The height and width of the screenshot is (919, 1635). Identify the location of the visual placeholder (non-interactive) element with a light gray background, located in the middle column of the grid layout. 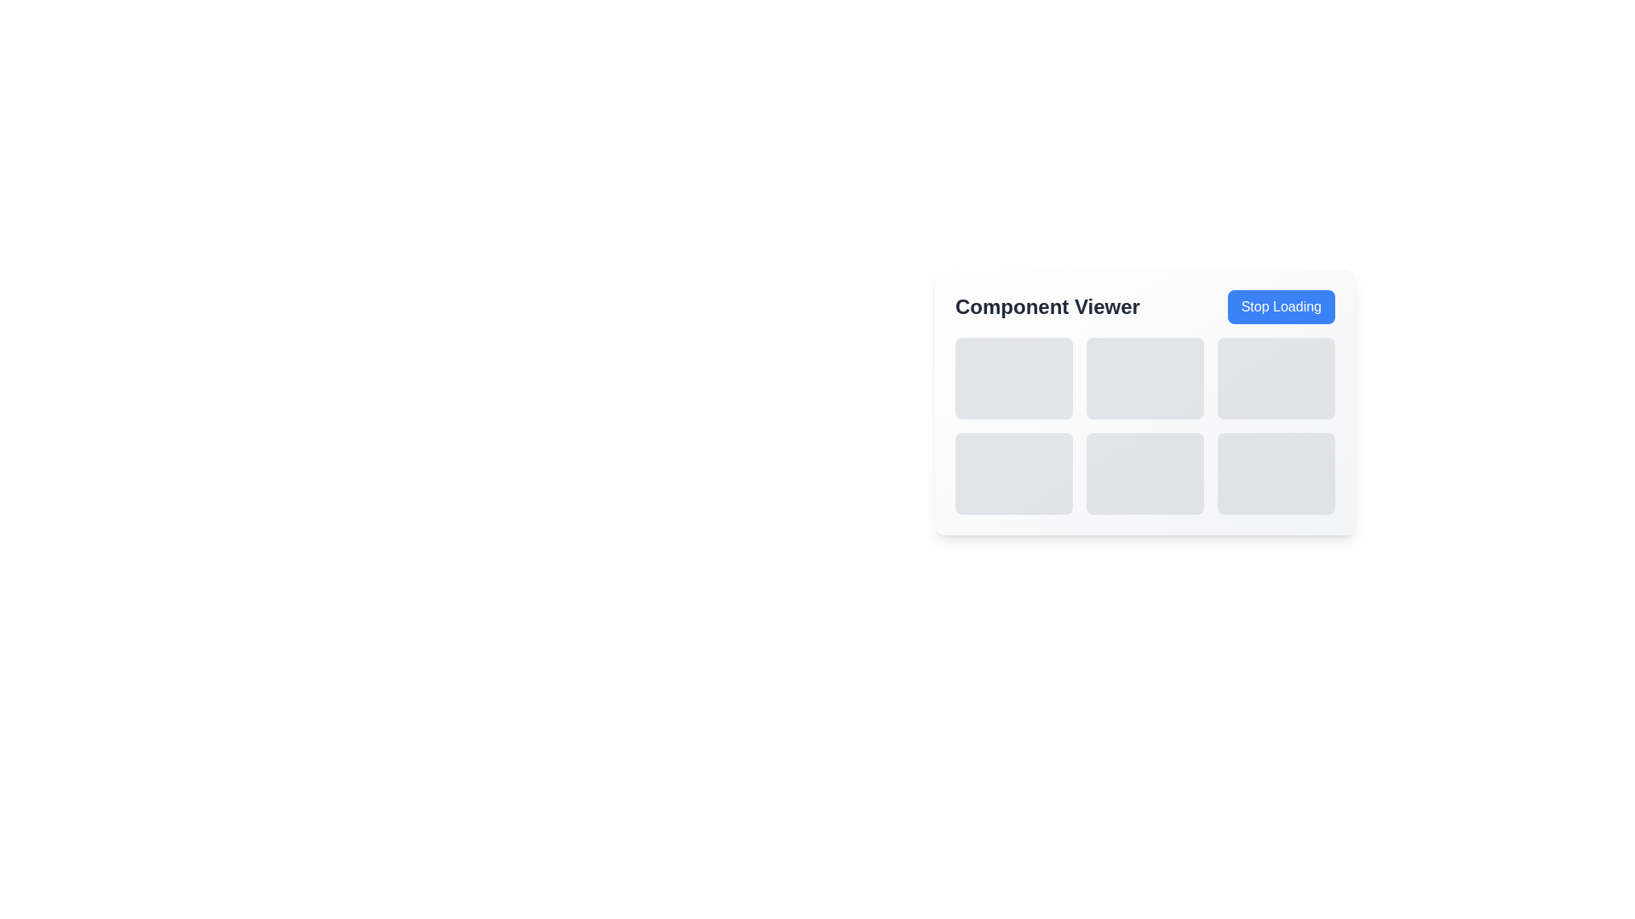
(1144, 377).